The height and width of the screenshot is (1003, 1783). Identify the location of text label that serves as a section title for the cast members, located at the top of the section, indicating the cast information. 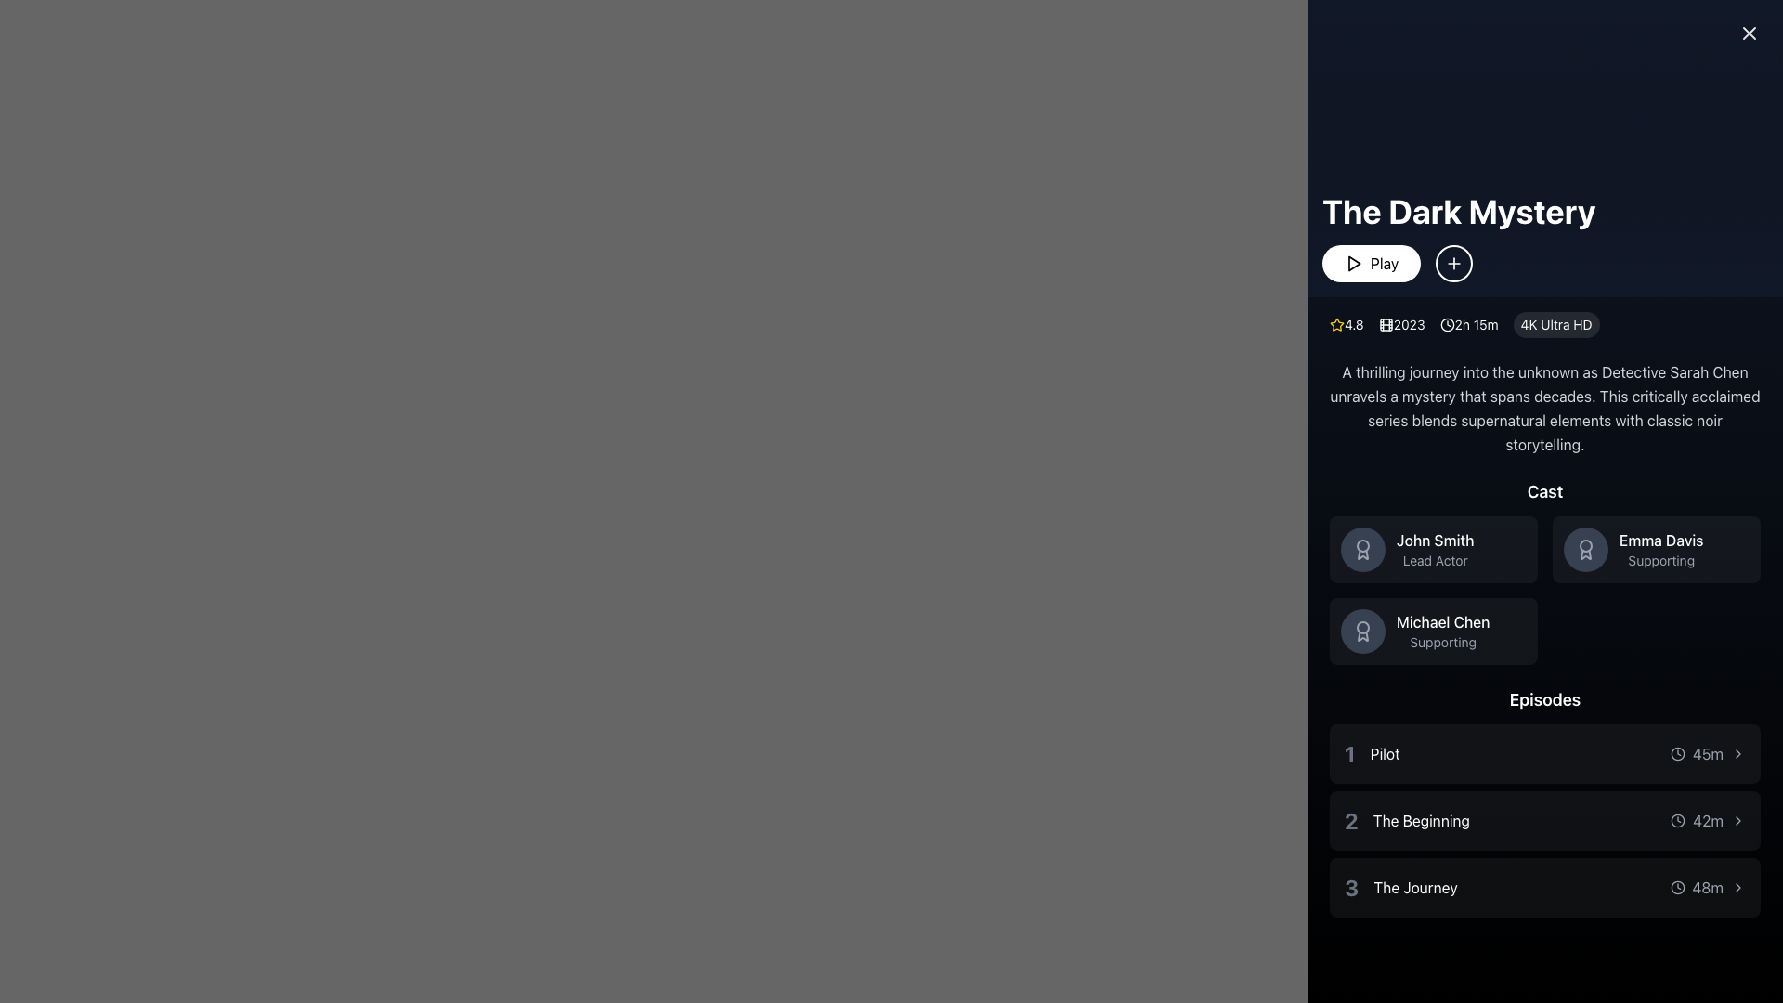
(1545, 490).